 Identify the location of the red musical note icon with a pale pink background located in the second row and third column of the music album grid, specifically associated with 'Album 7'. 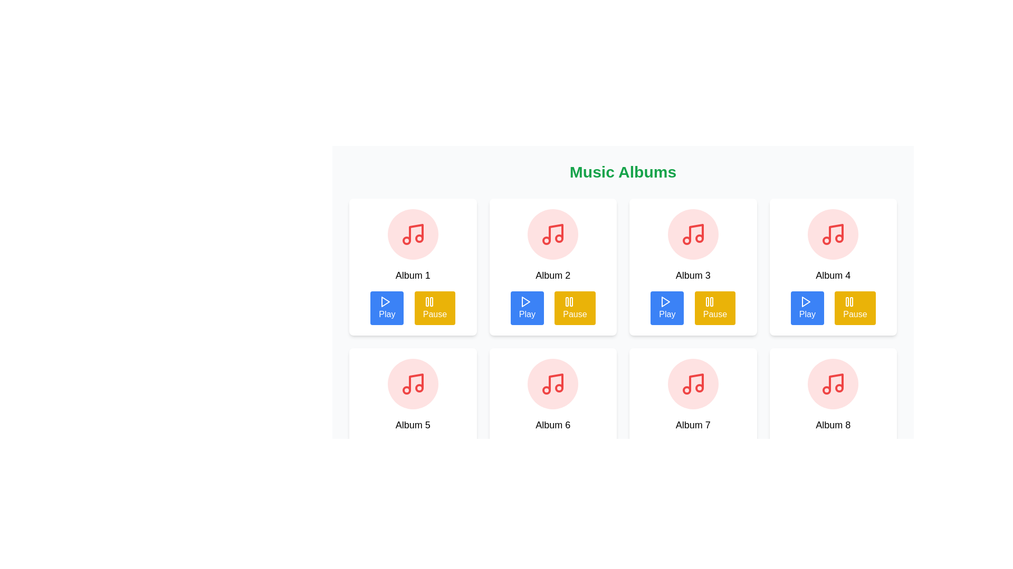
(693, 384).